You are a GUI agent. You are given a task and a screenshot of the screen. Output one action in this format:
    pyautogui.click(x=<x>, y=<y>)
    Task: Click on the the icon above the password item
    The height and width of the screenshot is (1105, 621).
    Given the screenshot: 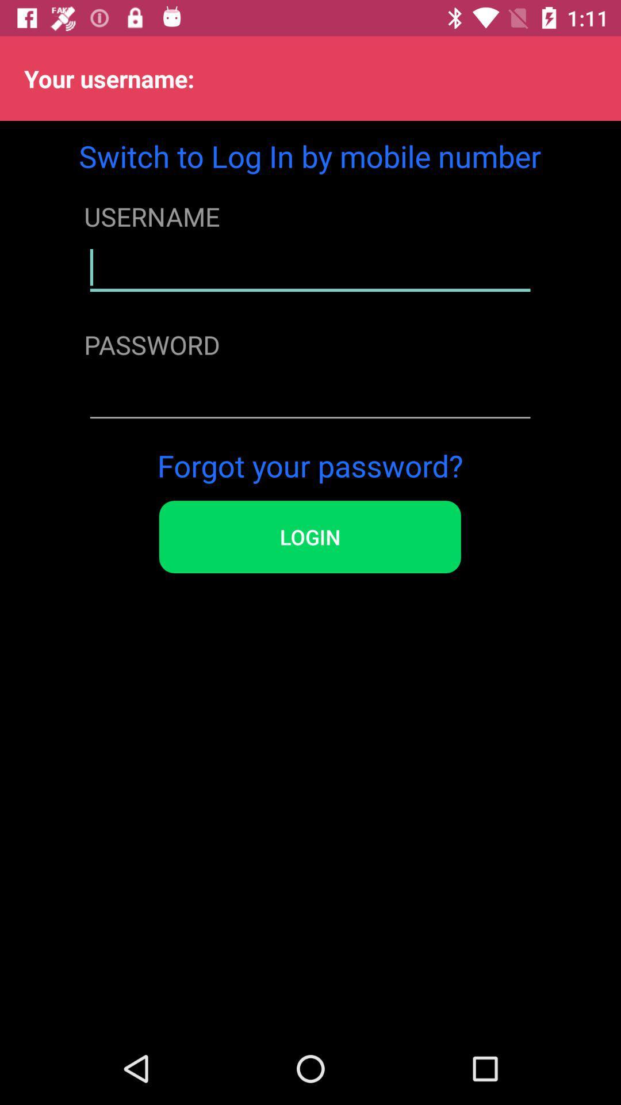 What is the action you would take?
    pyautogui.click(x=309, y=267)
    